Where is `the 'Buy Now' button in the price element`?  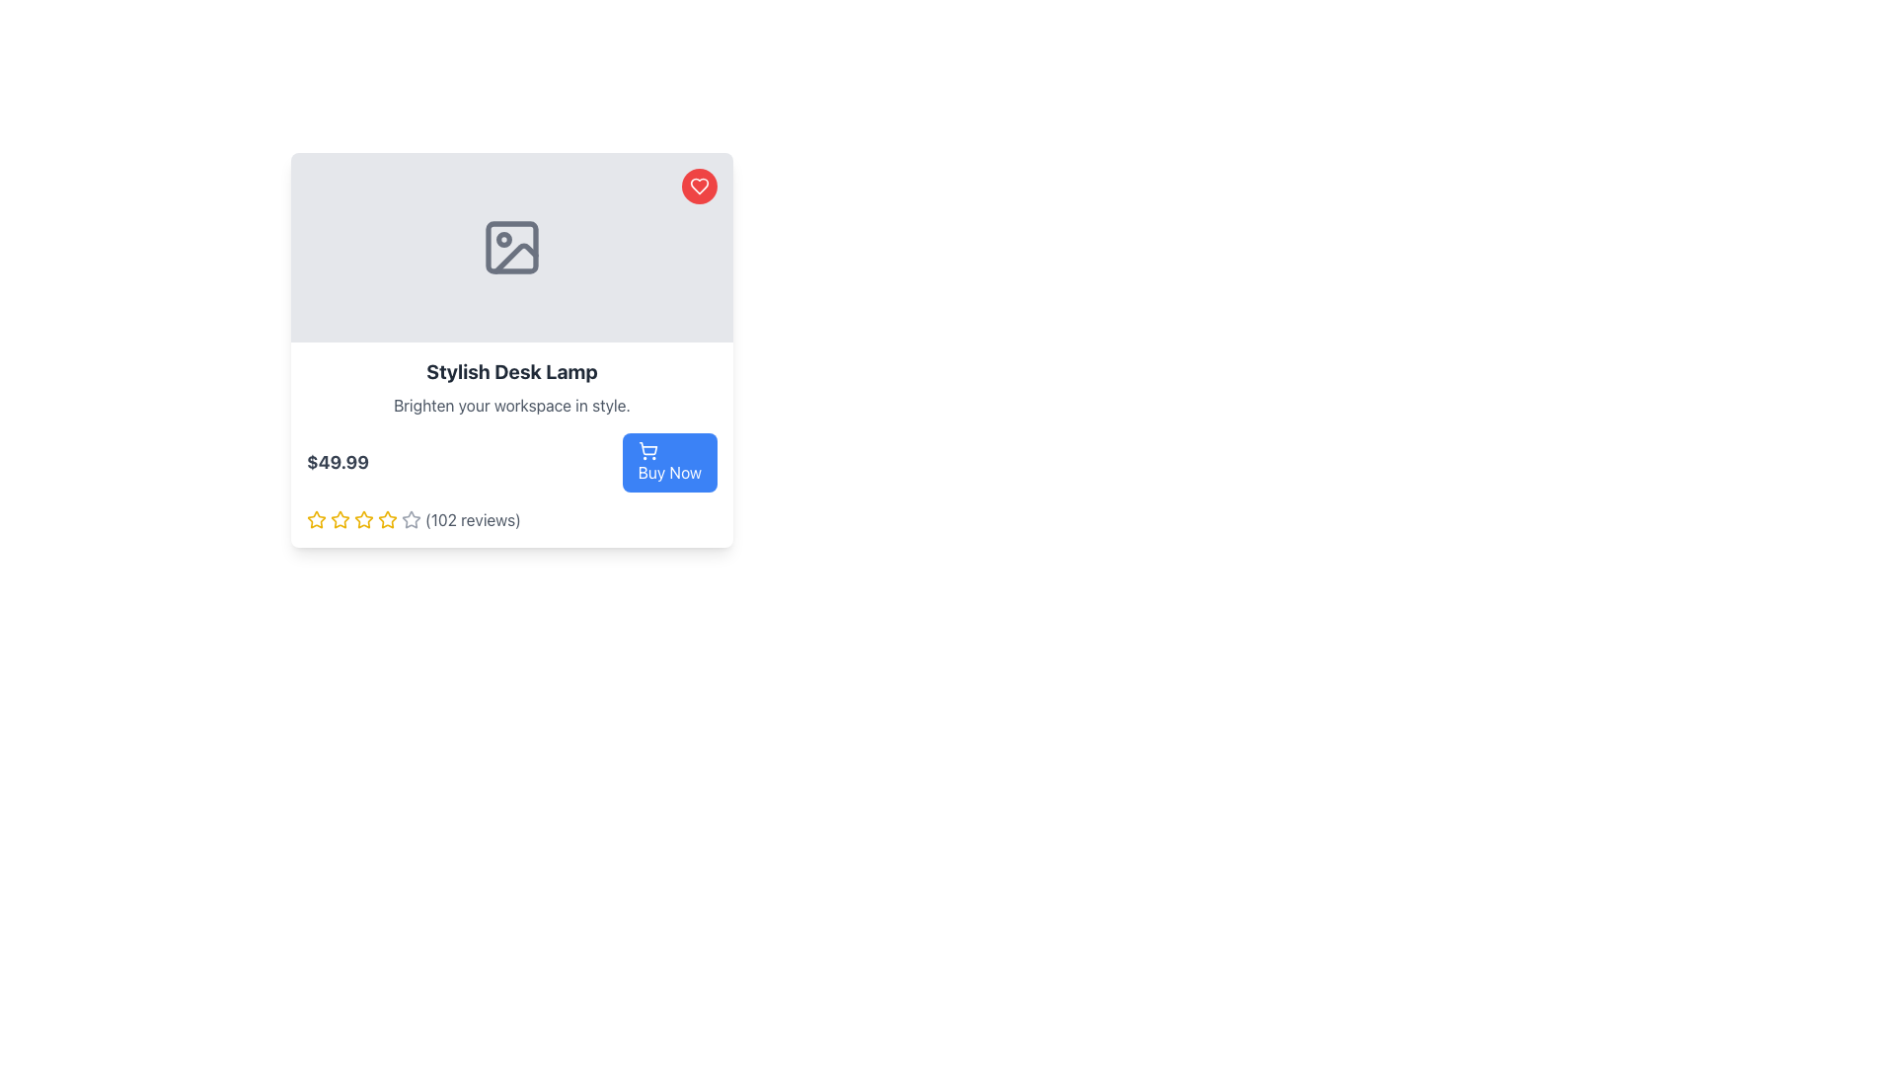 the 'Buy Now' button in the price element is located at coordinates (511, 463).